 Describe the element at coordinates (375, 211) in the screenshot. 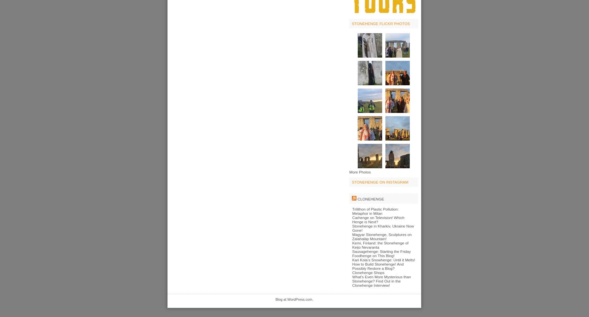

I see `'Trilithon of Plastic Pollution: Metaphor in Milan'` at that location.